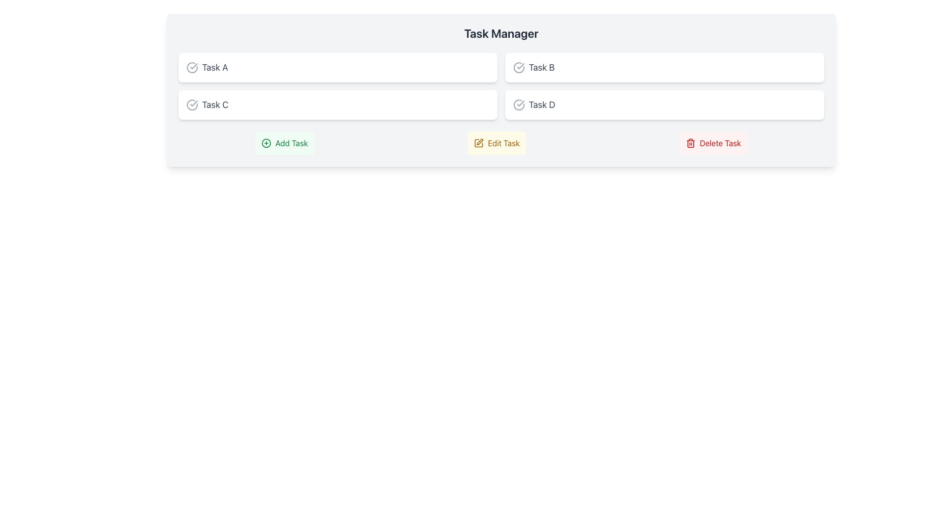  Describe the element at coordinates (501, 143) in the screenshot. I see `the 'Add Task', 'Edit Task', or 'Delete Task' button located in the horizontal bar at the bottom of the 'Task Manager' interface` at that location.